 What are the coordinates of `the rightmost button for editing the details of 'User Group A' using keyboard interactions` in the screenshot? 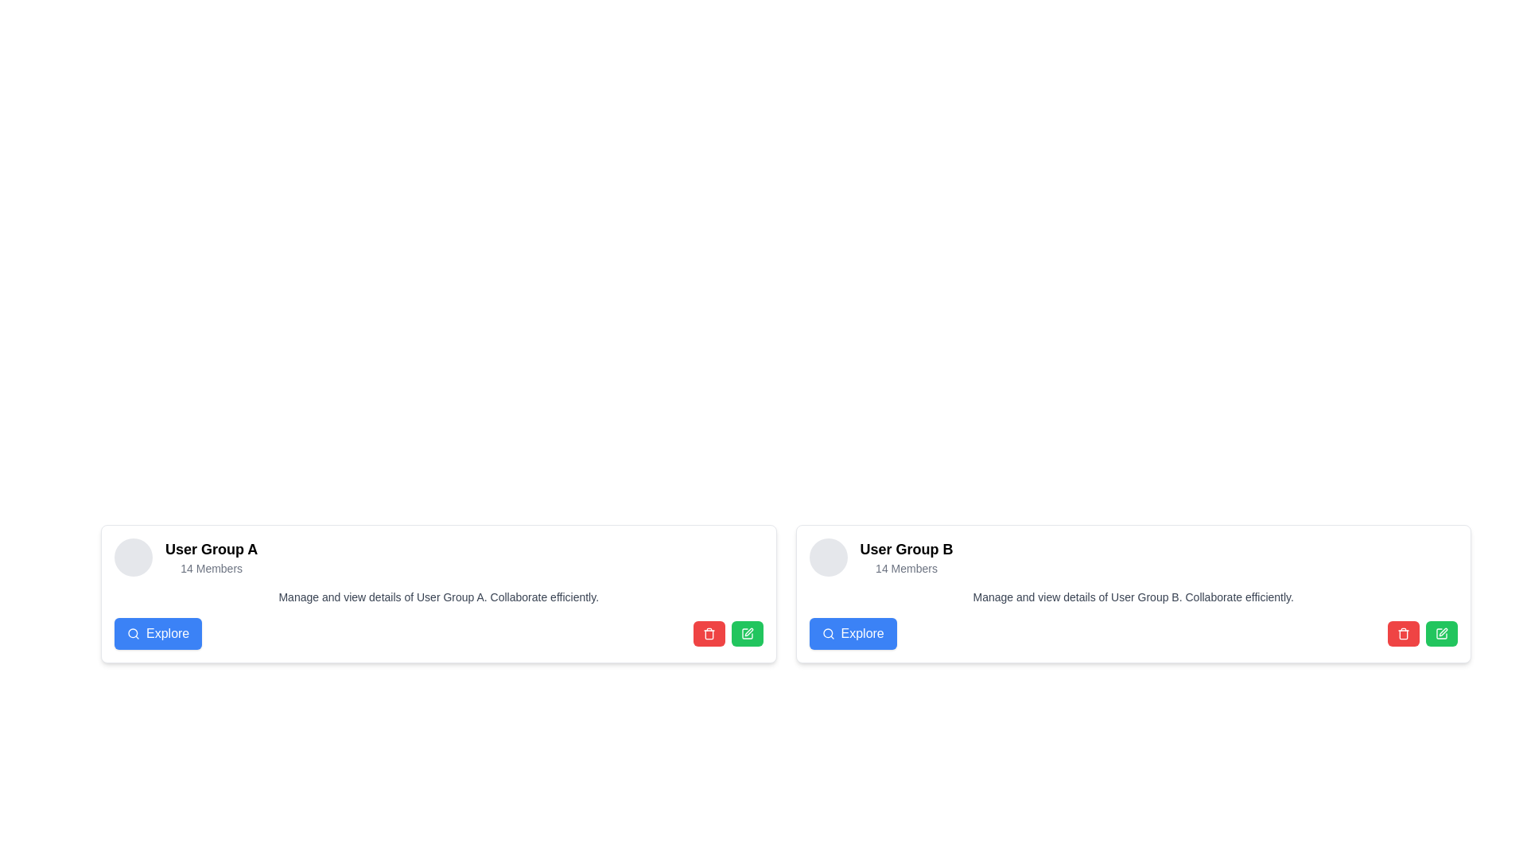 It's located at (746, 633).